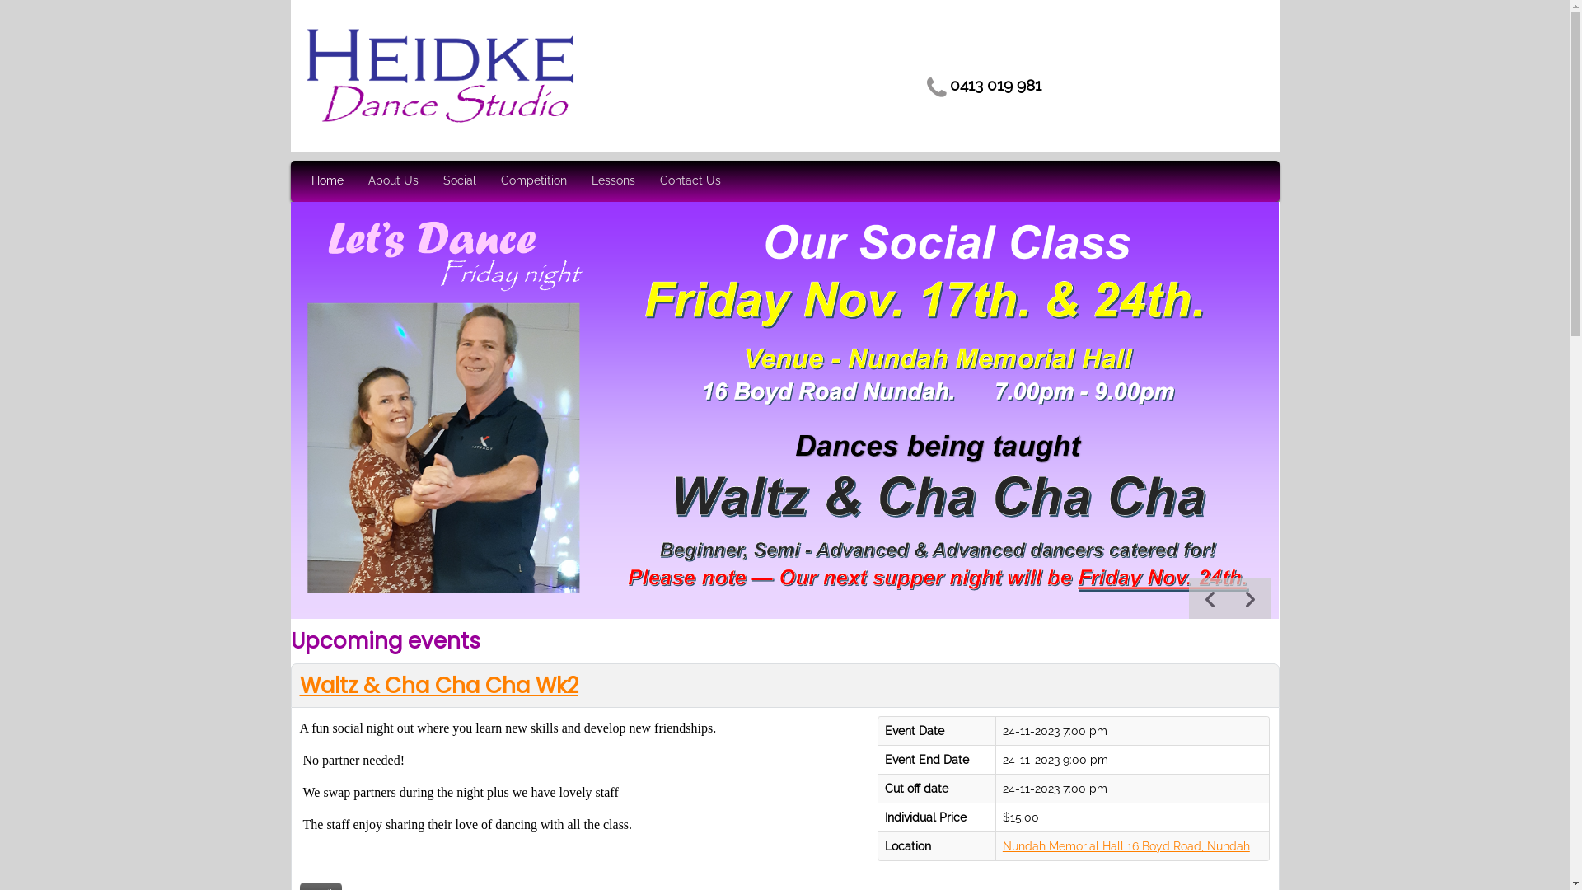  What do you see at coordinates (612, 180) in the screenshot?
I see `'Lessons'` at bounding box center [612, 180].